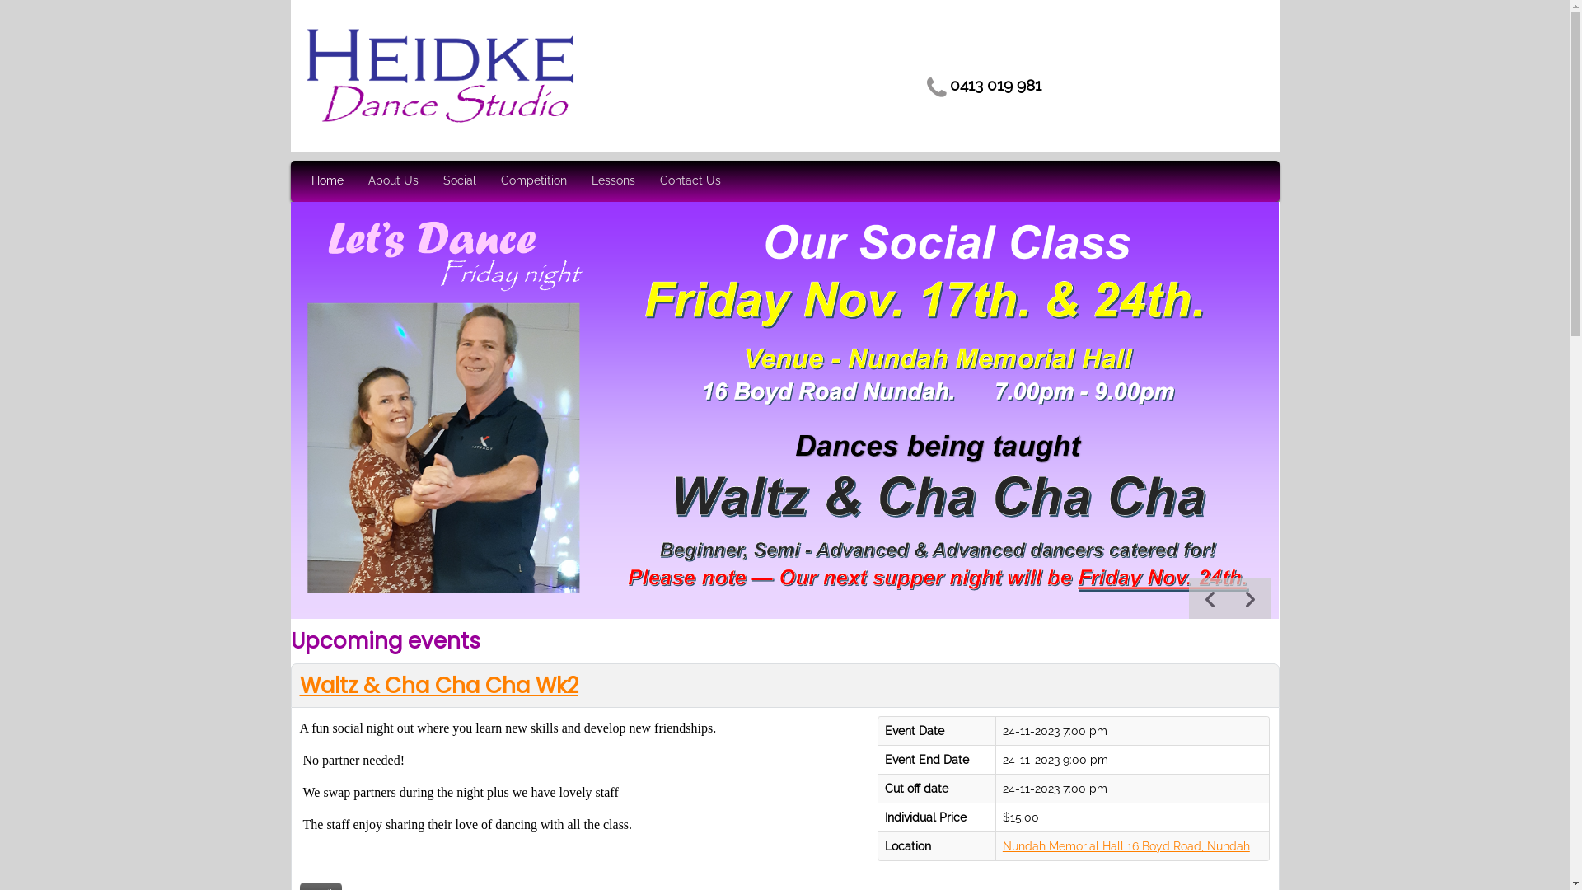  What do you see at coordinates (612, 180) in the screenshot?
I see `'Lessons'` at bounding box center [612, 180].